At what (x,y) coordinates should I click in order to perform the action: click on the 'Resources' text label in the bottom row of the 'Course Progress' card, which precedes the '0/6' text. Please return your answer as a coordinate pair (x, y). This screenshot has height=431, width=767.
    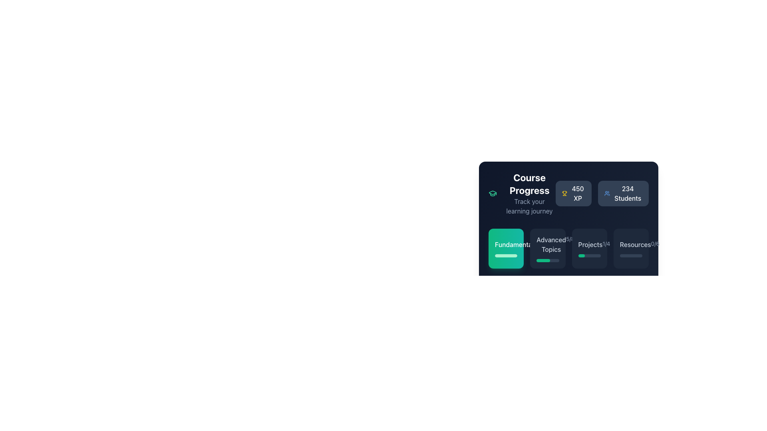
    Looking at the image, I should click on (635, 244).